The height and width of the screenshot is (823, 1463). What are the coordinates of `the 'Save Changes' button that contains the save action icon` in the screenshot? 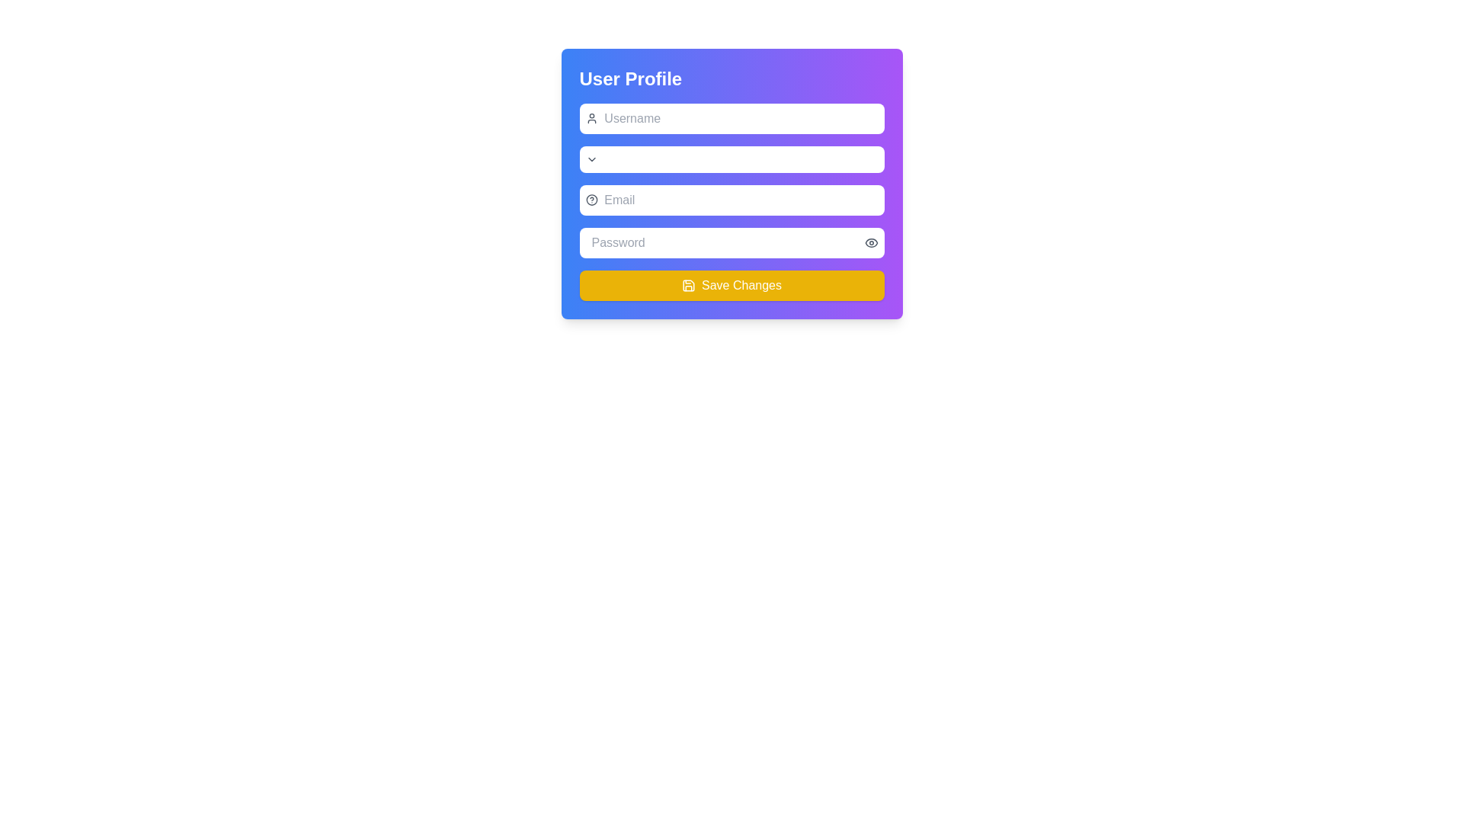 It's located at (687, 285).